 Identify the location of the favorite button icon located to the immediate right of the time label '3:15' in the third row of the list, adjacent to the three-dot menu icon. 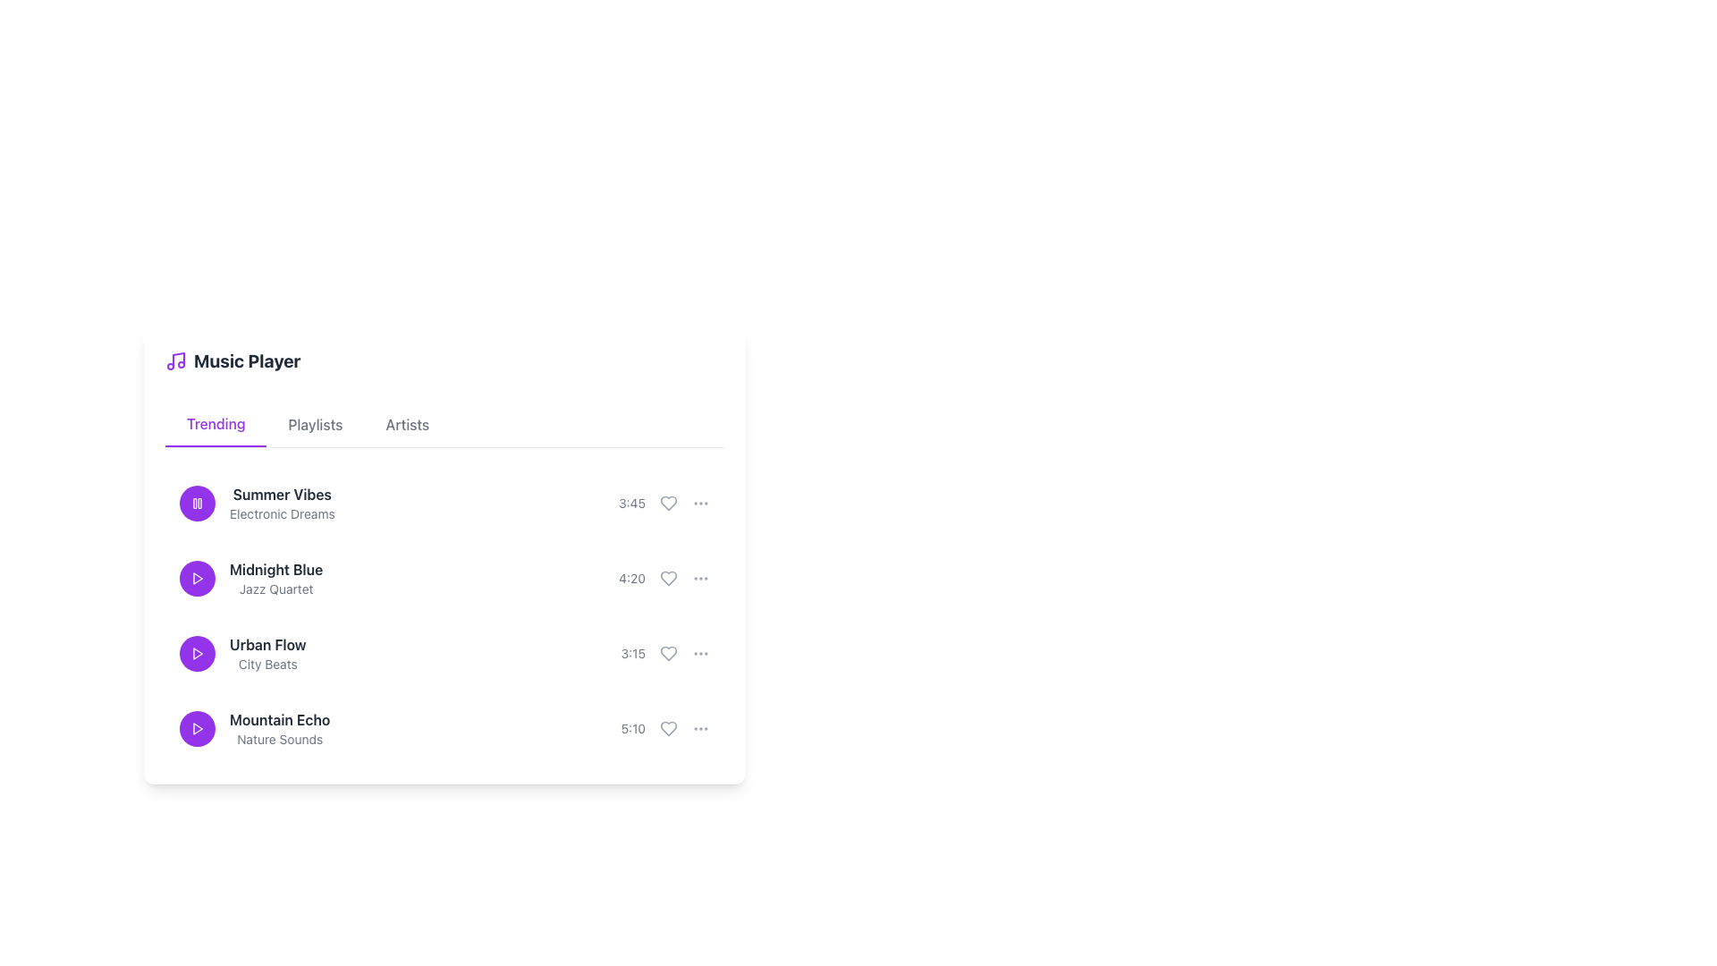
(668, 654).